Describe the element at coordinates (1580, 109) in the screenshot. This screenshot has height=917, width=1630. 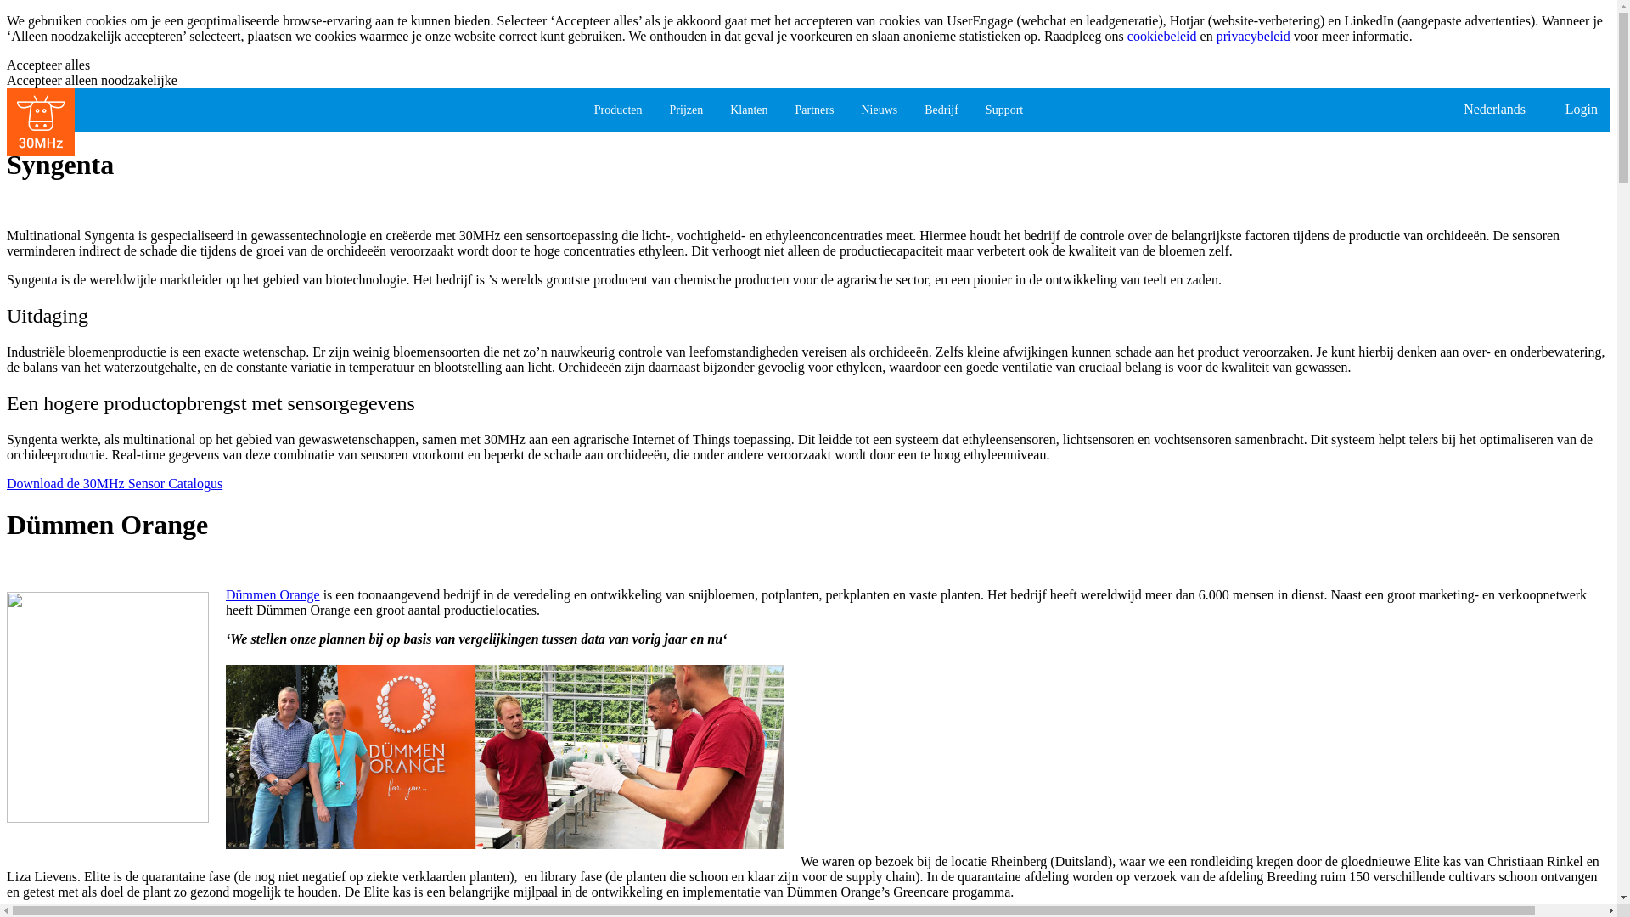
I see `'Login'` at that location.